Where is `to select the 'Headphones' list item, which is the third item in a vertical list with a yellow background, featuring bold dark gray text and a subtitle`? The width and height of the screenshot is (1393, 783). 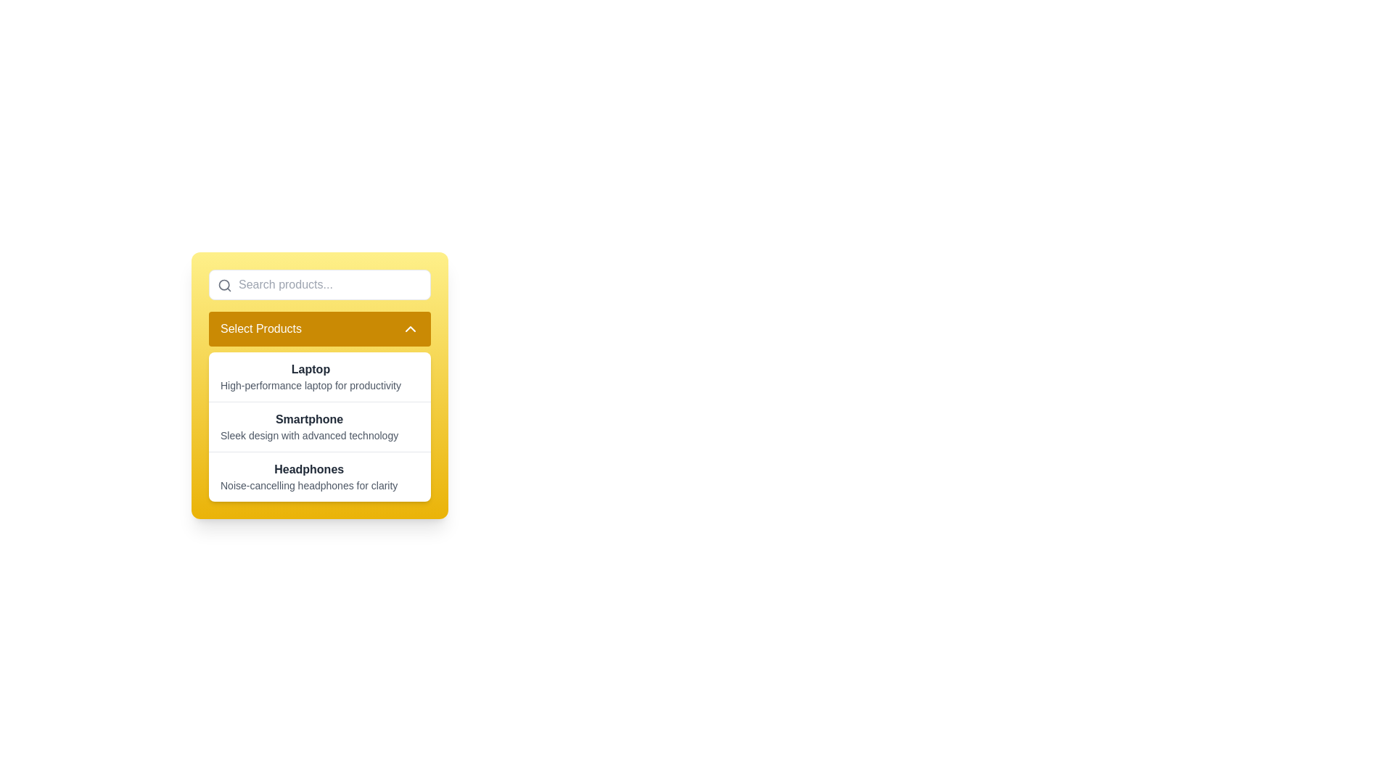
to select the 'Headphones' list item, which is the third item in a vertical list with a yellow background, featuring bold dark gray text and a subtitle is located at coordinates (319, 476).